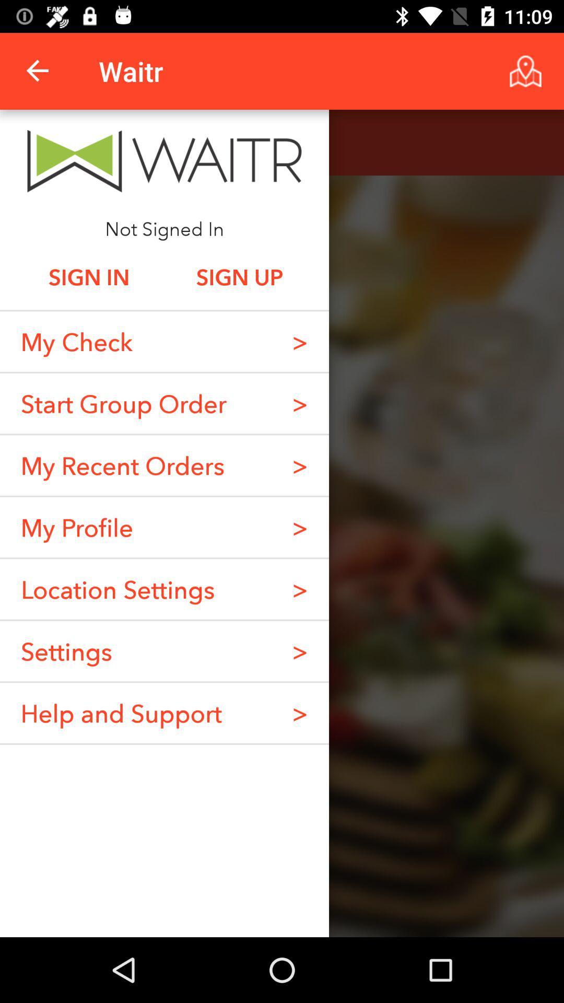  What do you see at coordinates (300, 589) in the screenshot?
I see `item below the > item` at bounding box center [300, 589].